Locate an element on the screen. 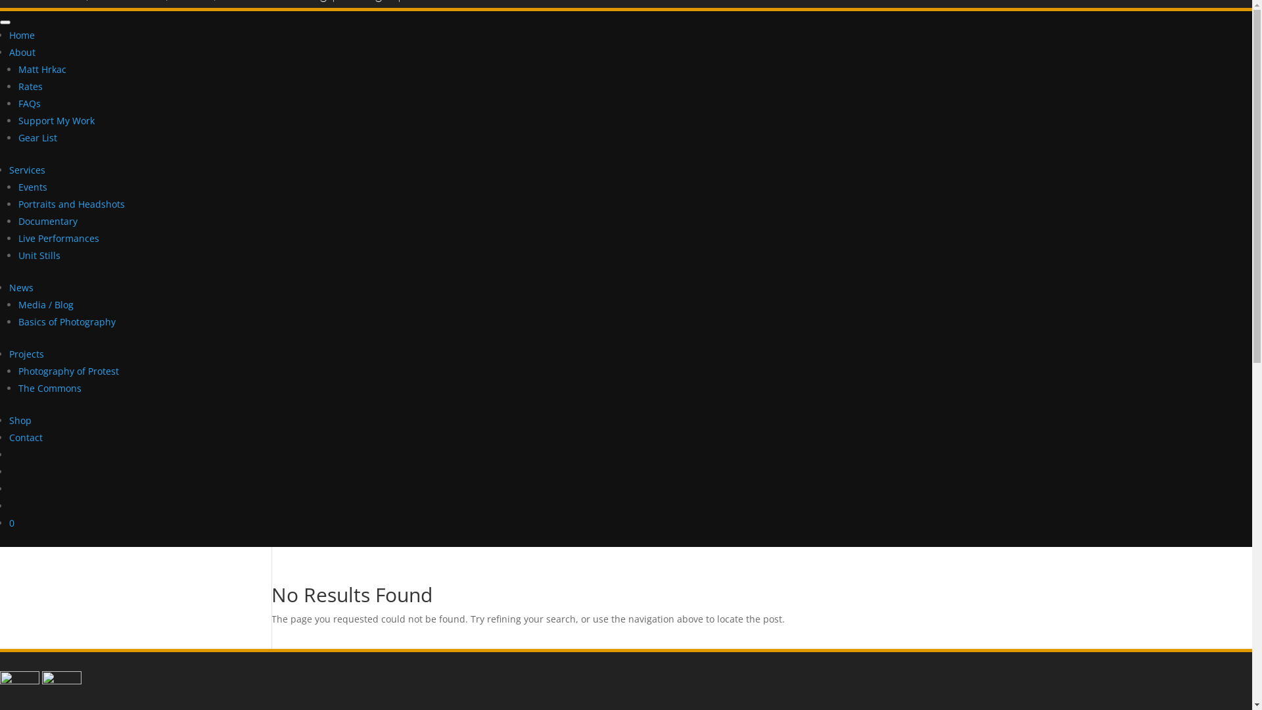 The image size is (1262, 710). 'Unit Stills' is located at coordinates (39, 255).